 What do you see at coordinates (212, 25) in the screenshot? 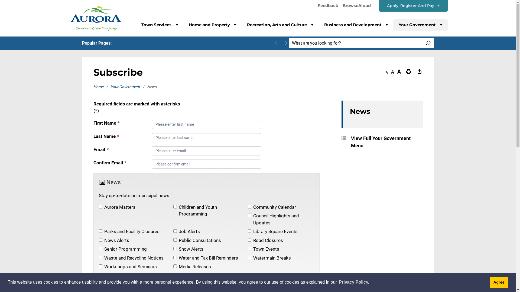
I see `'Home and Property'` at bounding box center [212, 25].